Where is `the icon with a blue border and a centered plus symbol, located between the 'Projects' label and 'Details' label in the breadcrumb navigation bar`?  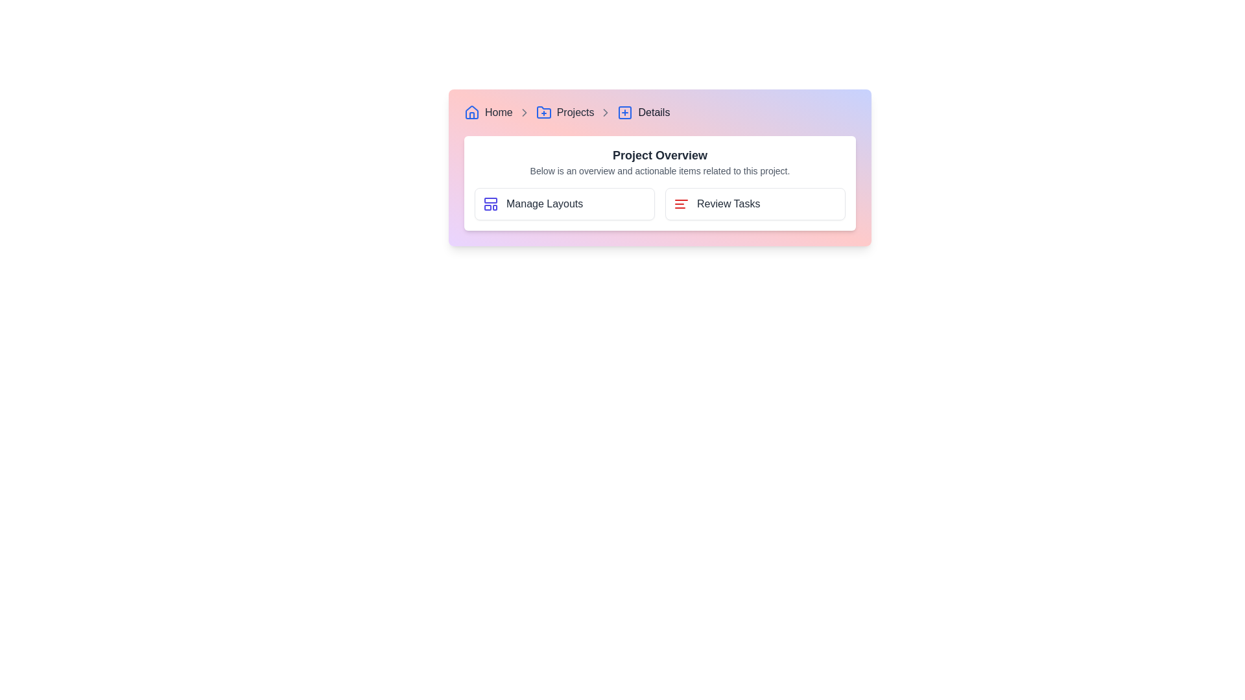 the icon with a blue border and a centered plus symbol, located between the 'Projects' label and 'Details' label in the breadcrumb navigation bar is located at coordinates (625, 111).